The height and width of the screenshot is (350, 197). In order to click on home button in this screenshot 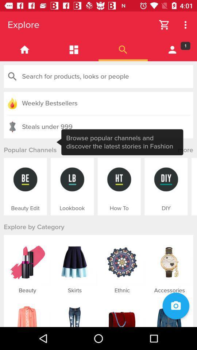, I will do `click(24, 49)`.